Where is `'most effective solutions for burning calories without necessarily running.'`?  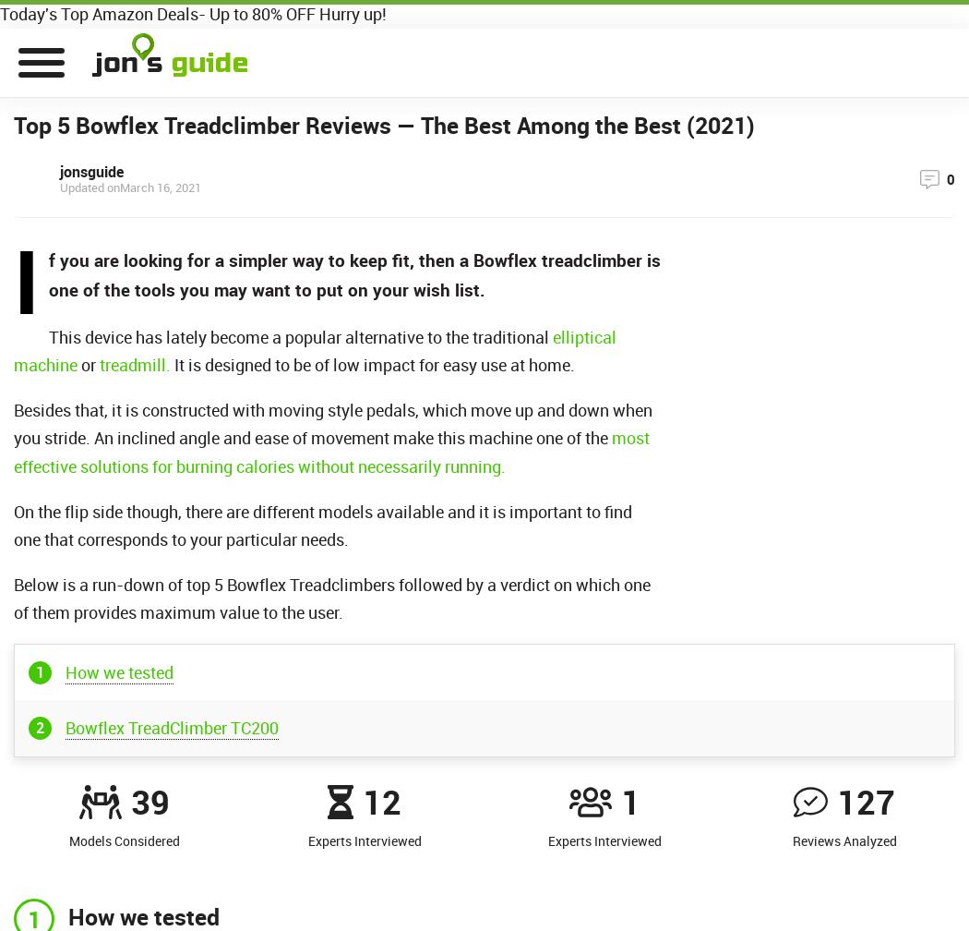 'most effective solutions for burning calories without necessarily running.' is located at coordinates (330, 451).